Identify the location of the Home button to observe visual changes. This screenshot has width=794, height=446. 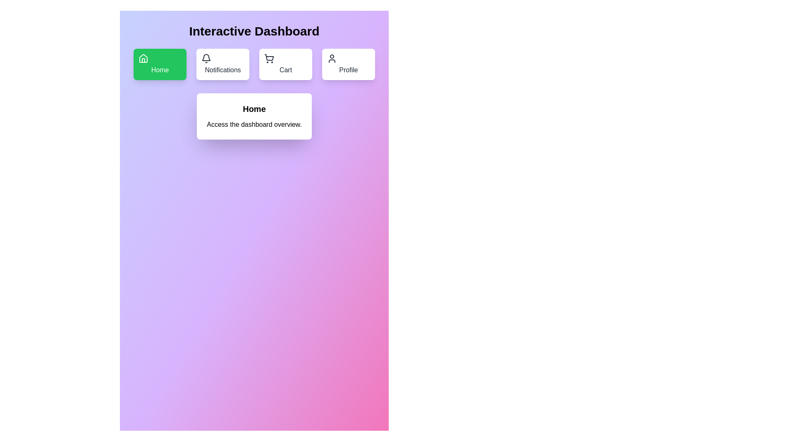
(160, 64).